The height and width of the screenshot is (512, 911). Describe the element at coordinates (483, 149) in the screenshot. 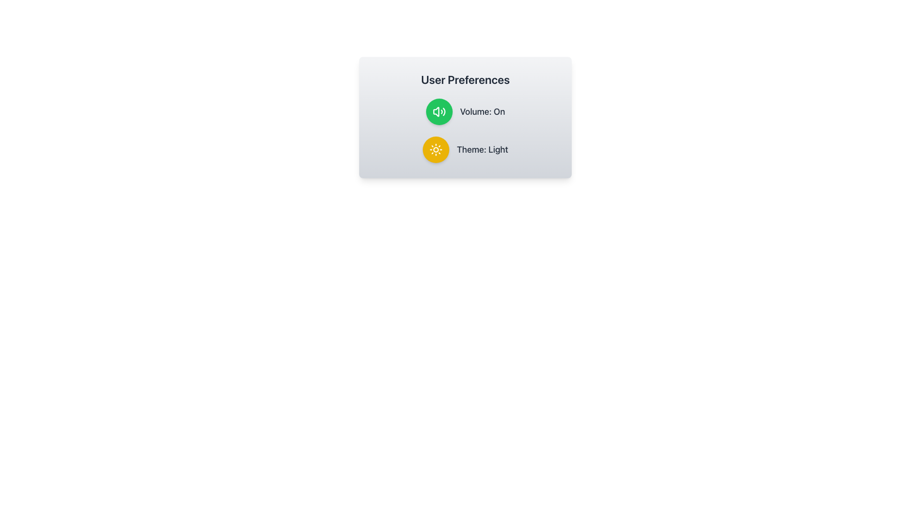

I see `the text label indicating the current theme setting of the application, which is located within the 'User Preferences' interface card, below the 'Volume: On' section and to the right of the sun symbol` at that location.